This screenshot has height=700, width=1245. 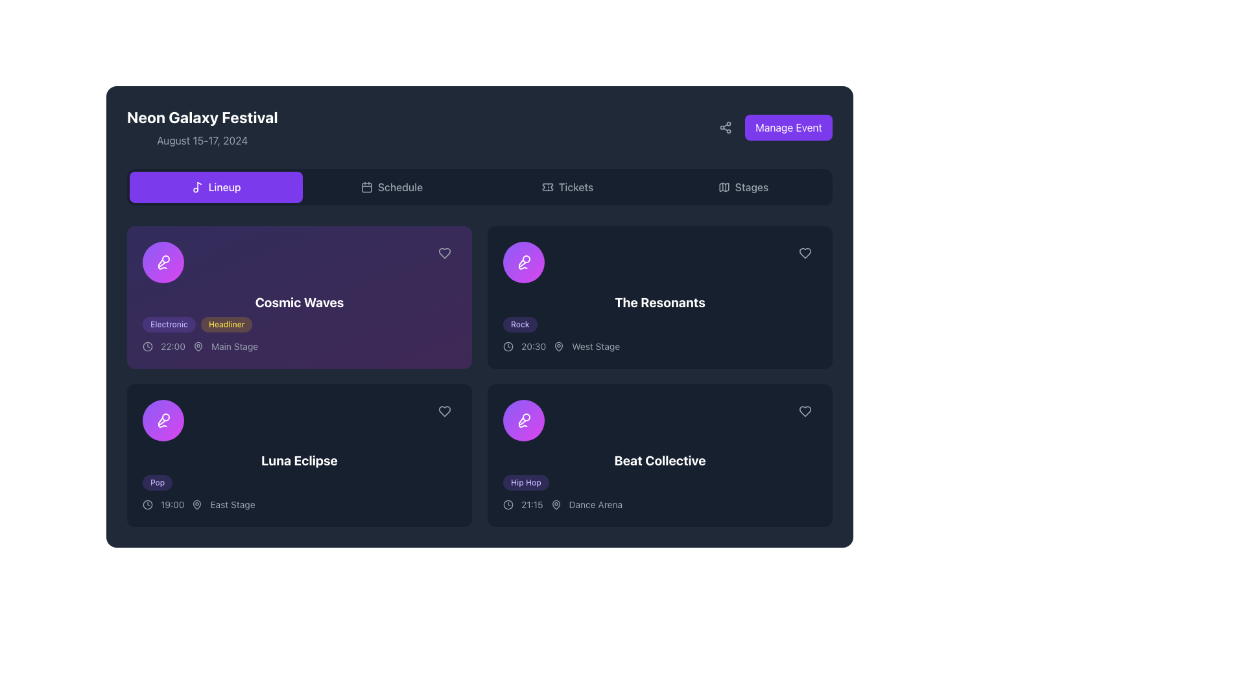 I want to click on the heart-shaped icon button in the top-right corner of the card for 'The Resonants' band to mark or unmark it as a favorite, so click(x=805, y=253).